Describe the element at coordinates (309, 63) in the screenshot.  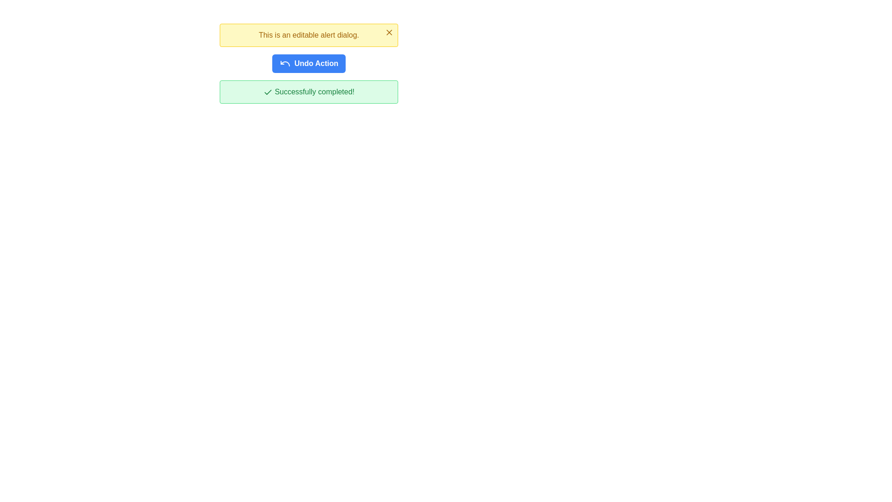
I see `the blue 'Undo Action' button with white text and an undo arrow icon` at that location.